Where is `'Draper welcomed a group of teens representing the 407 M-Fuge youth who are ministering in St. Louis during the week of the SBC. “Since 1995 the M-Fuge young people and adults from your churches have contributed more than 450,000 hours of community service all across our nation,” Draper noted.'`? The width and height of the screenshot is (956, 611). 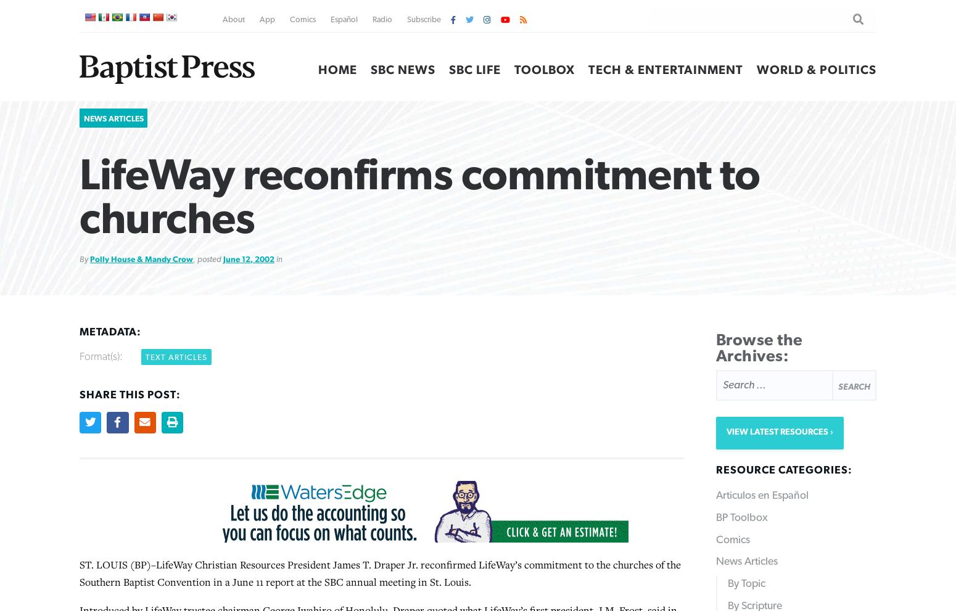
'Draper welcomed a group of teens representing the 407 M-Fuge youth who are ministering in St. Louis during the week of the SBC. “Since 1995 the M-Fuge young people and adults from your churches have contributed more than 450,000 hours of community service all across our nation,” Draper noted.' is located at coordinates (377, 156).